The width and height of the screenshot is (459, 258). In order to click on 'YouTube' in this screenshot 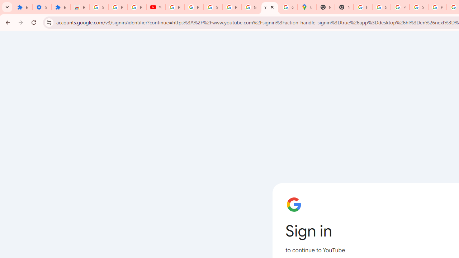, I will do `click(269, 7)`.